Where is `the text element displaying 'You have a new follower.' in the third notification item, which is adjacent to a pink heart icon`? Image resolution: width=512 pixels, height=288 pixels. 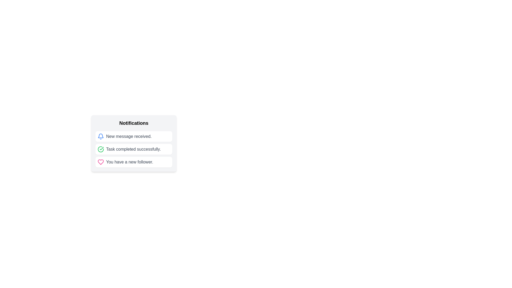 the text element displaying 'You have a new follower.' in the third notification item, which is adjacent to a pink heart icon is located at coordinates (130, 162).